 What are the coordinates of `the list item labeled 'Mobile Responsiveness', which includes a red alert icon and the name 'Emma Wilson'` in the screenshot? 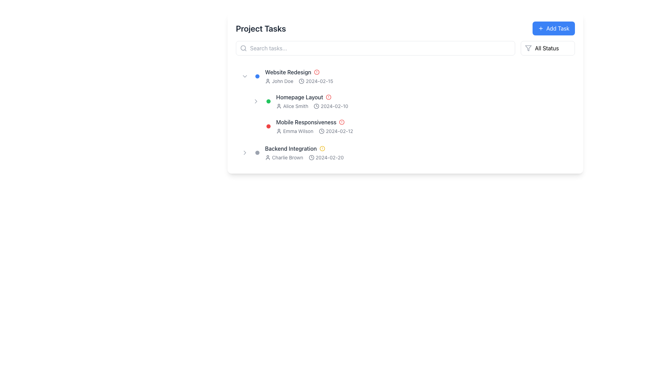 It's located at (411, 126).